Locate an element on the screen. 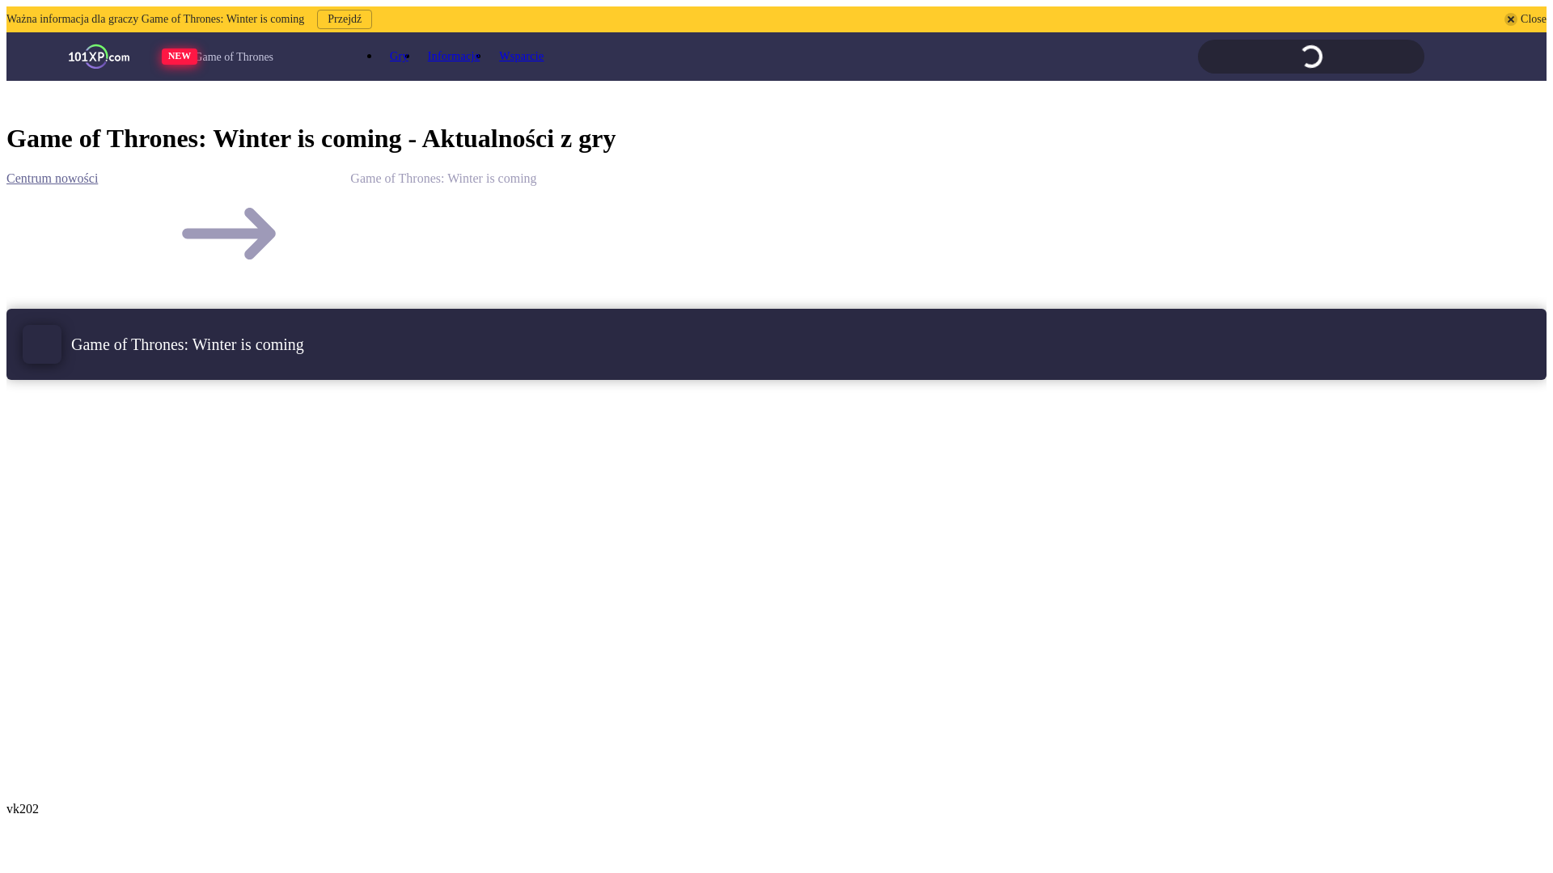  'Informacje' is located at coordinates (453, 55).